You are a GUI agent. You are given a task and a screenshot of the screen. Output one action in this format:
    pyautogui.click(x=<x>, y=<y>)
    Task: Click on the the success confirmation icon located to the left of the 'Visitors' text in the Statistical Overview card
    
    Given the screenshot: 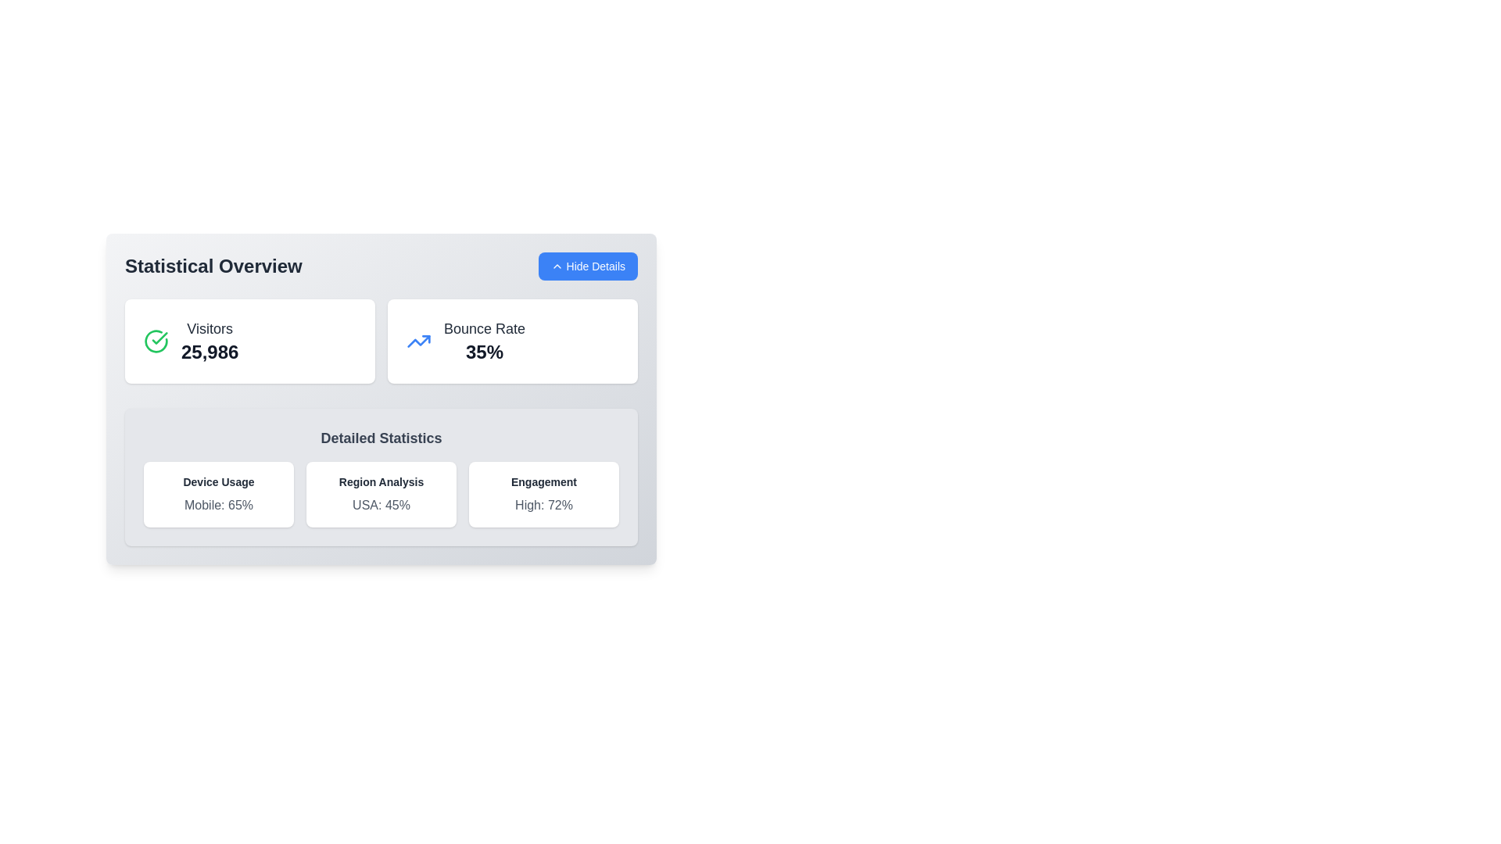 What is the action you would take?
    pyautogui.click(x=156, y=340)
    